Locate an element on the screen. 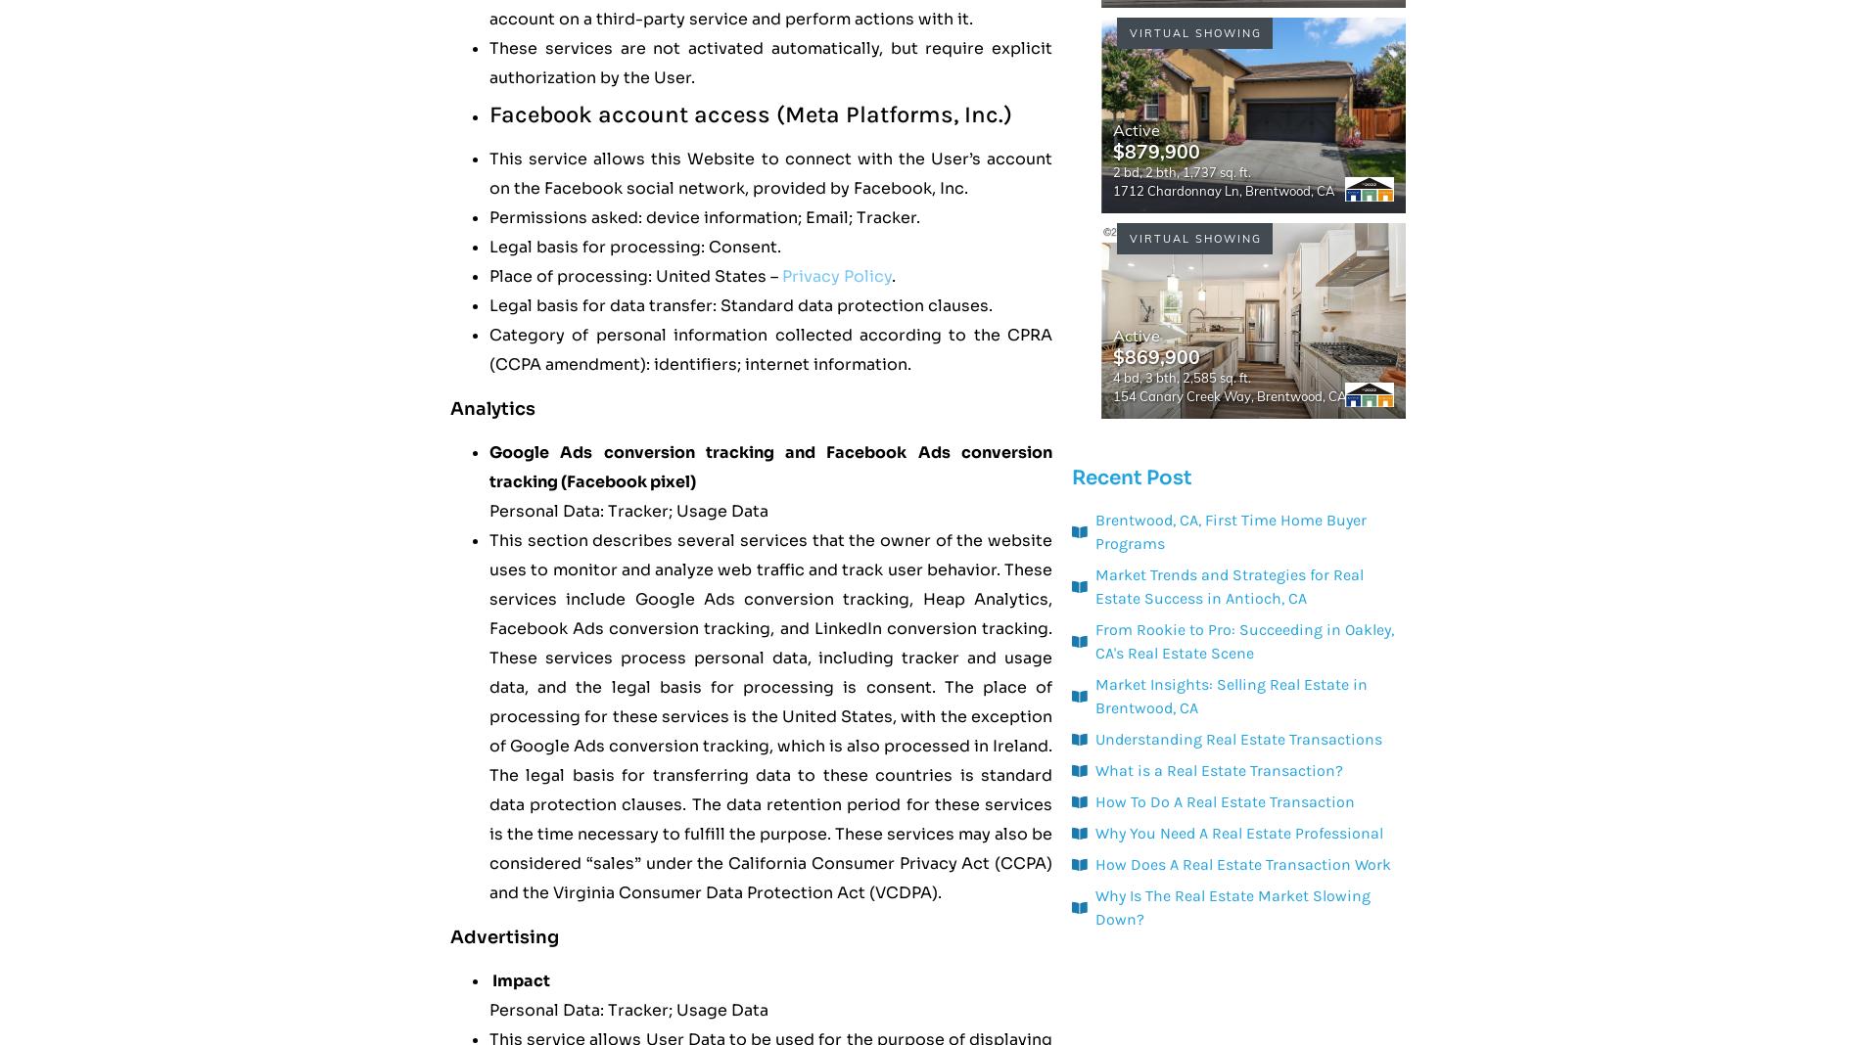 Image resolution: width=1860 pixels, height=1045 pixels. 'Impact' is located at coordinates (520, 980).